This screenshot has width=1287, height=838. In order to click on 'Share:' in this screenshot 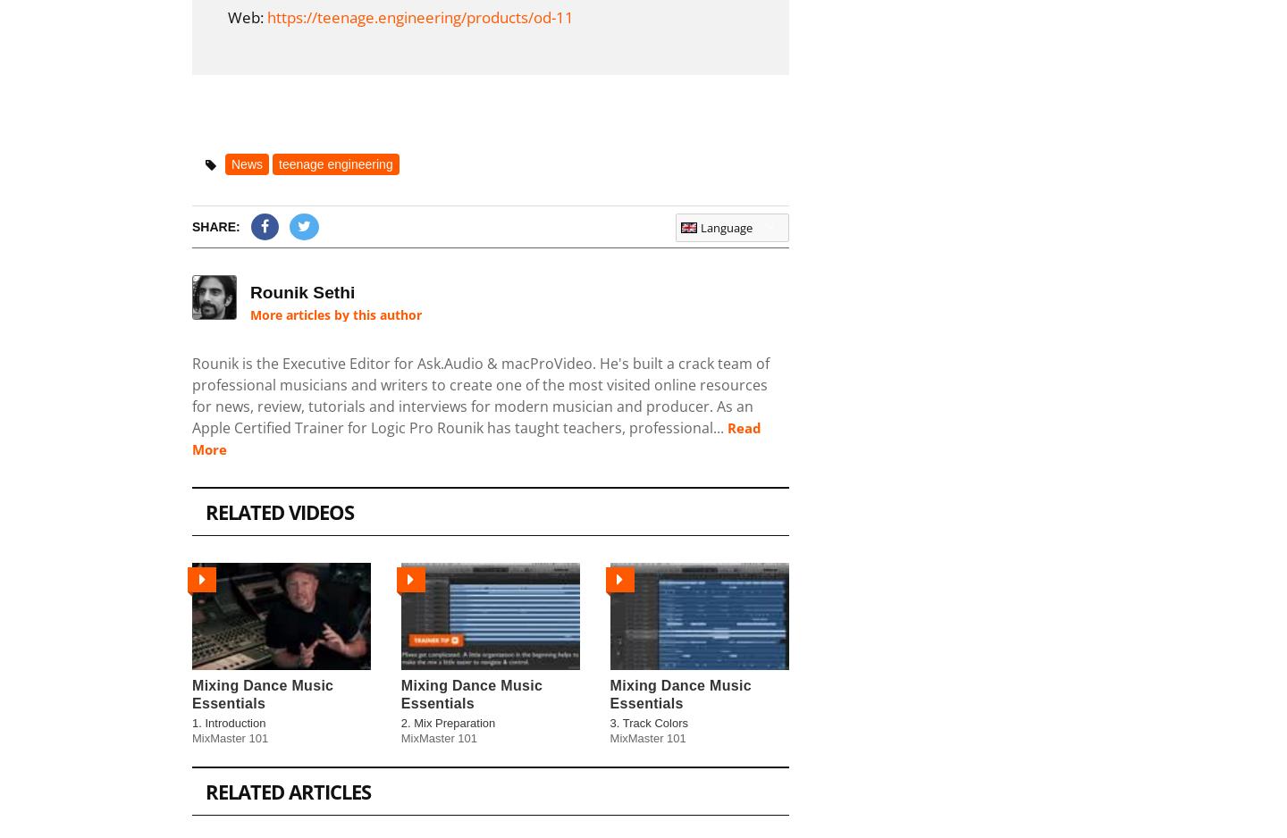, I will do `click(191, 224)`.